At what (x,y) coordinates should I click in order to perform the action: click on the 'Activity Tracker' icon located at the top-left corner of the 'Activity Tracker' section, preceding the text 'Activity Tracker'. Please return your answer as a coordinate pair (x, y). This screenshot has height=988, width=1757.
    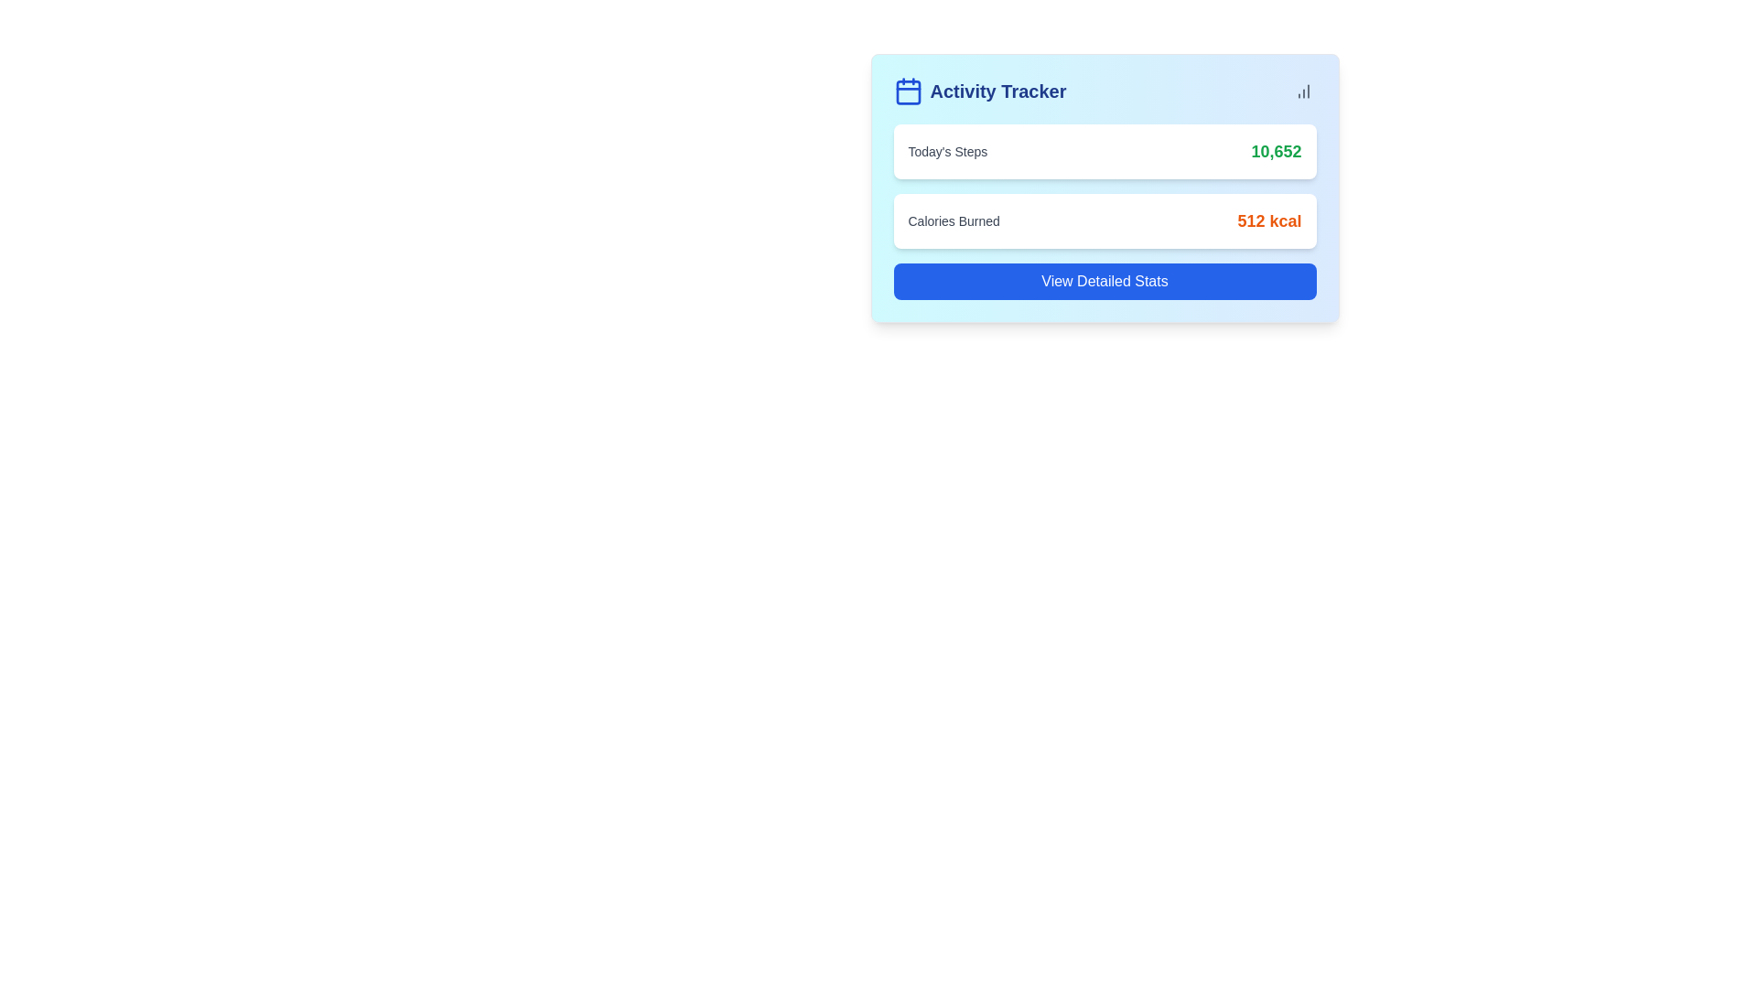
    Looking at the image, I should click on (908, 91).